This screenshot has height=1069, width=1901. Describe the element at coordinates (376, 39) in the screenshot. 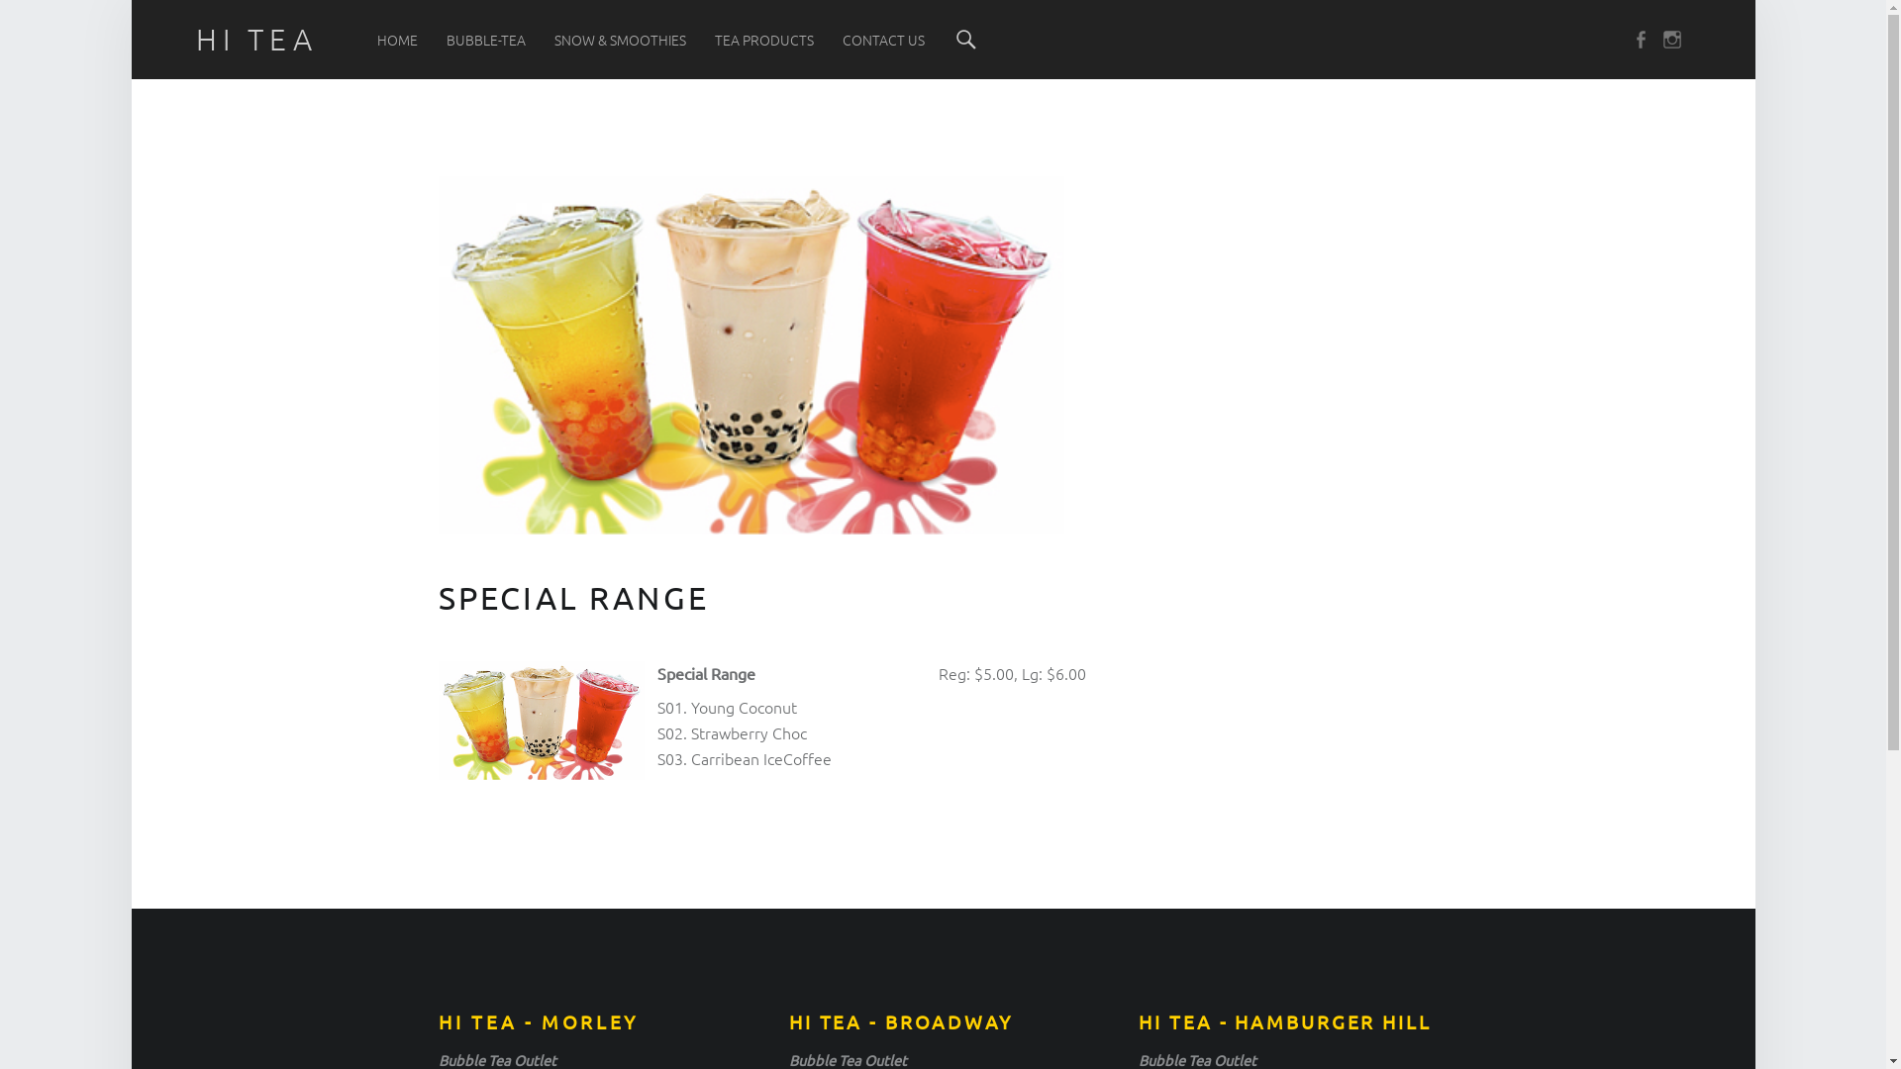

I see `'HOME'` at that location.